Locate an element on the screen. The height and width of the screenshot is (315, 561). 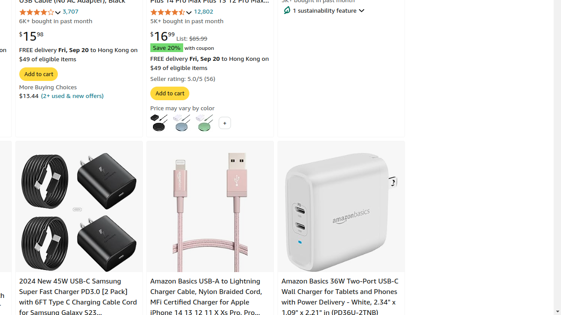
'Amazon Basics USB-A to Lightning Charger Cable, Nylon Braided Cord, MFi Certified Charger for Apple iPhone 14 13 12 11 X X...' is located at coordinates (209, 212).